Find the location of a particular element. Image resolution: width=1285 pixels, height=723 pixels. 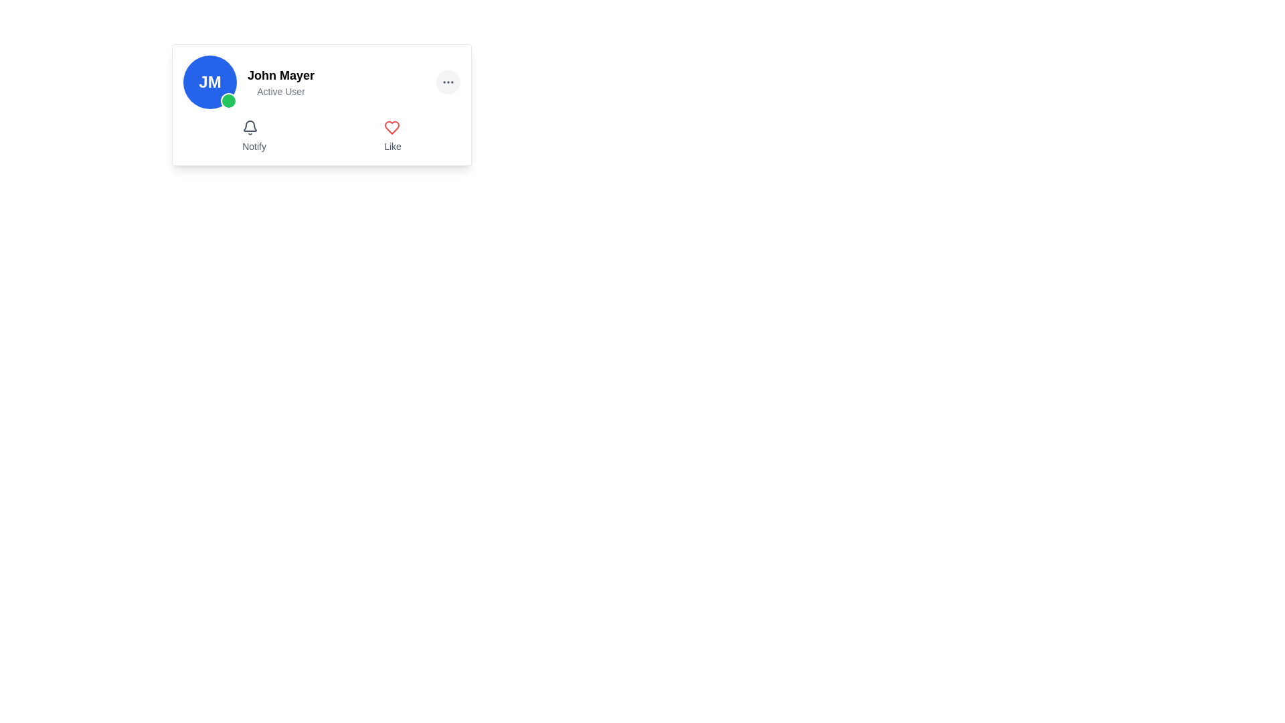

the text content of the 'Like' label located below the red heart icon in the top right region of the card interface is located at coordinates (392, 147).